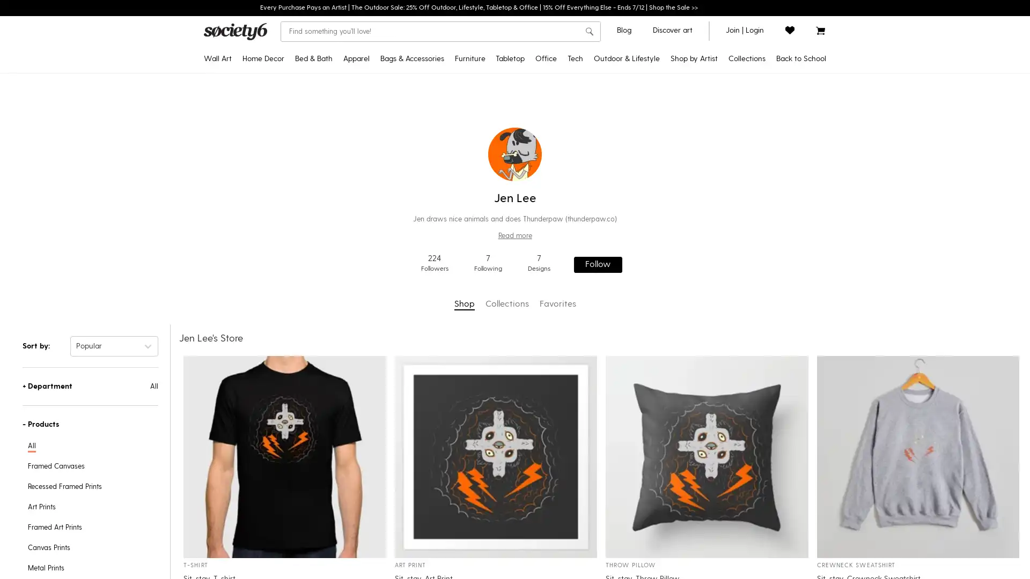 Image resolution: width=1030 pixels, height=579 pixels. Describe the element at coordinates (252, 206) in the screenshot. I see `Floating Acrylic Prints` at that location.